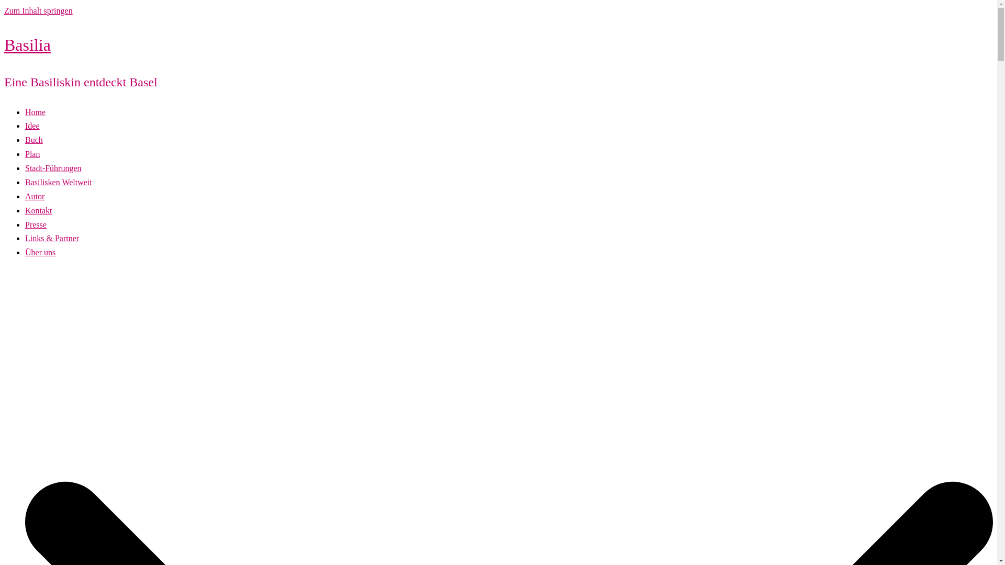 Image resolution: width=1005 pixels, height=565 pixels. Describe the element at coordinates (25, 139) in the screenshot. I see `'Buch'` at that location.